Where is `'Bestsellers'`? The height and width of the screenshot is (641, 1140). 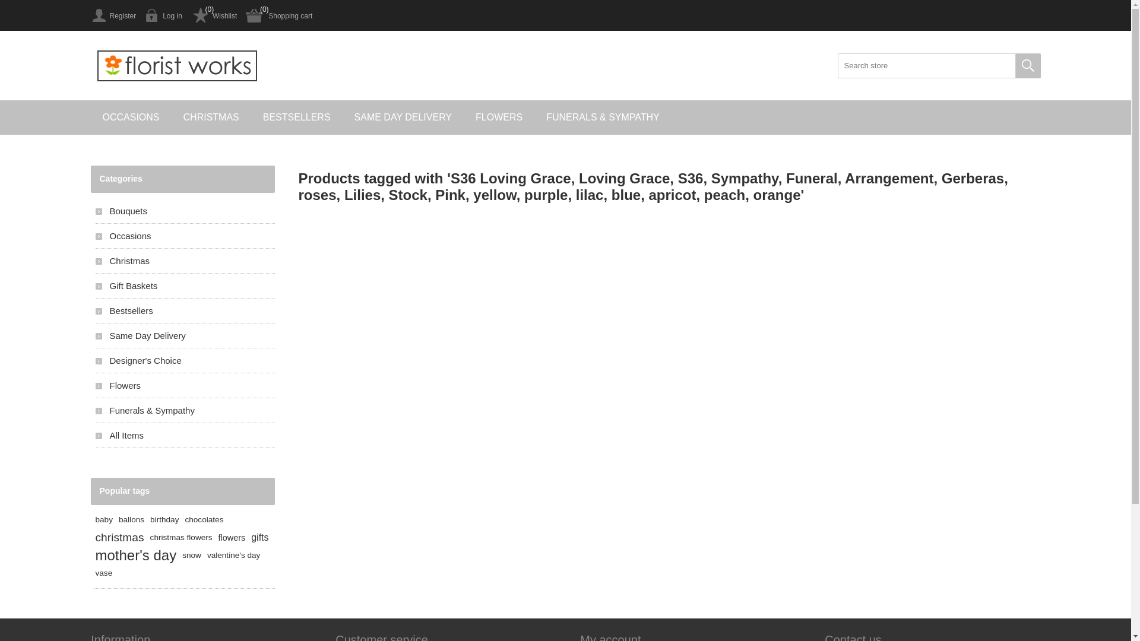 'Bestsellers' is located at coordinates (184, 310).